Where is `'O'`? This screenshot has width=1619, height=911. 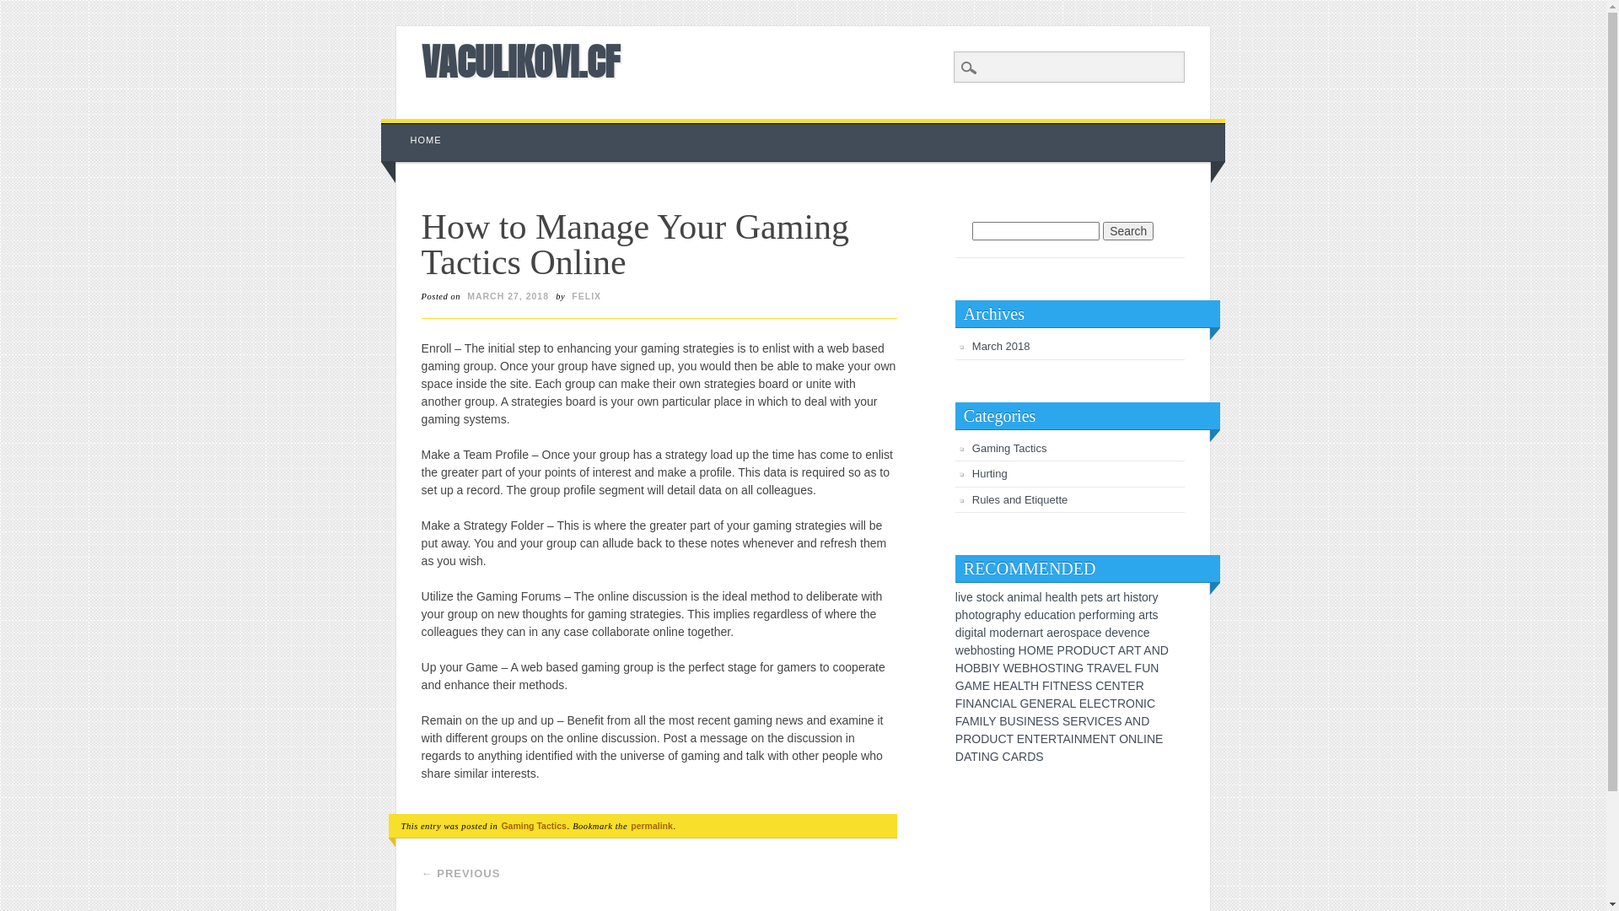 'O' is located at coordinates (968, 666).